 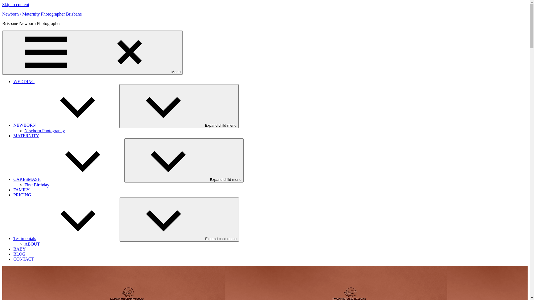 I want to click on 'First Birthday', so click(x=24, y=185).